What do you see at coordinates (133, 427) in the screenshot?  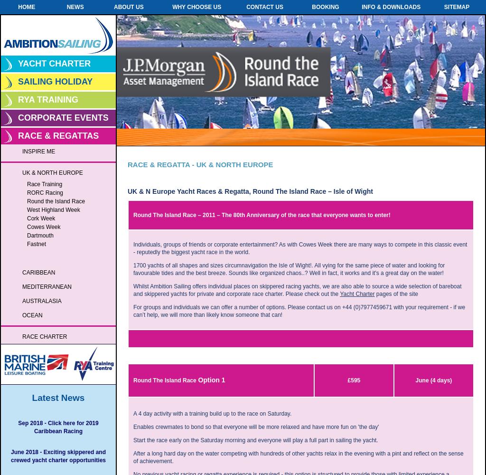 I see `'Enables crewmates to bond so that everyone will be more relaxed and have more fun on 'the day''` at bounding box center [133, 427].